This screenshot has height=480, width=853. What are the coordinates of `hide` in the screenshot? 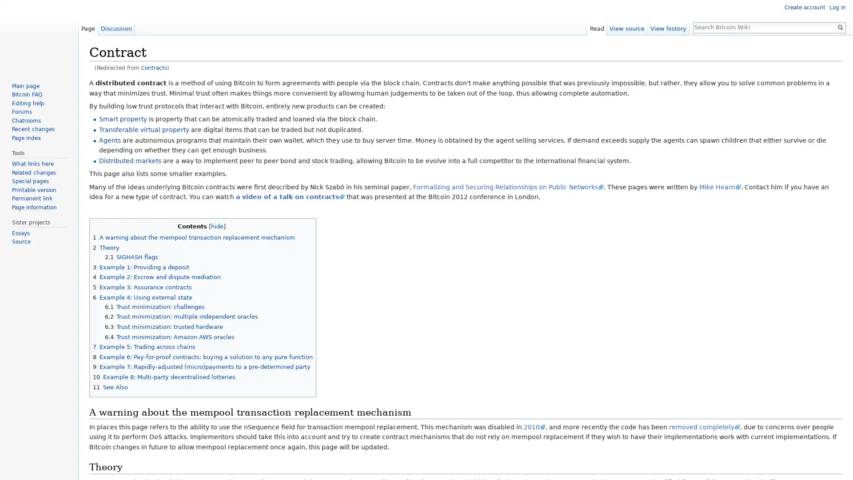 It's located at (217, 226).